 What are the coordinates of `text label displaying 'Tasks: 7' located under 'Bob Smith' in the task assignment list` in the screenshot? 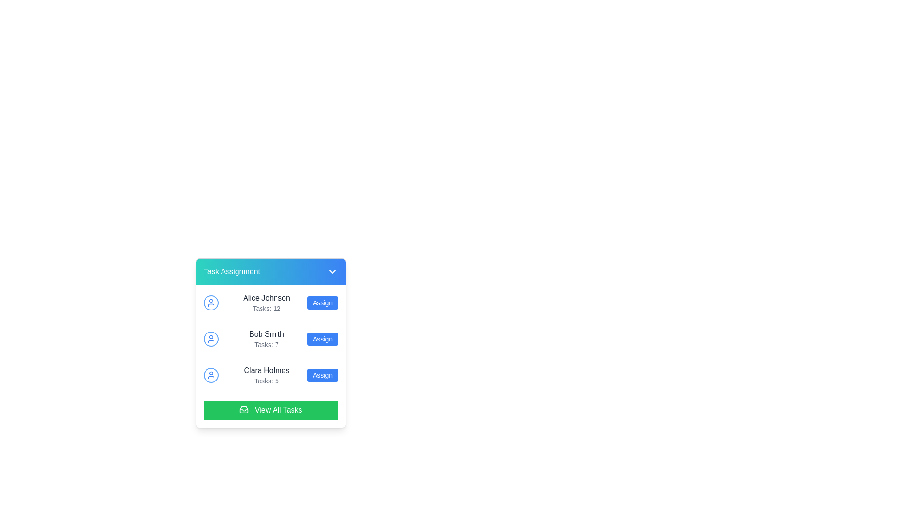 It's located at (266, 344).